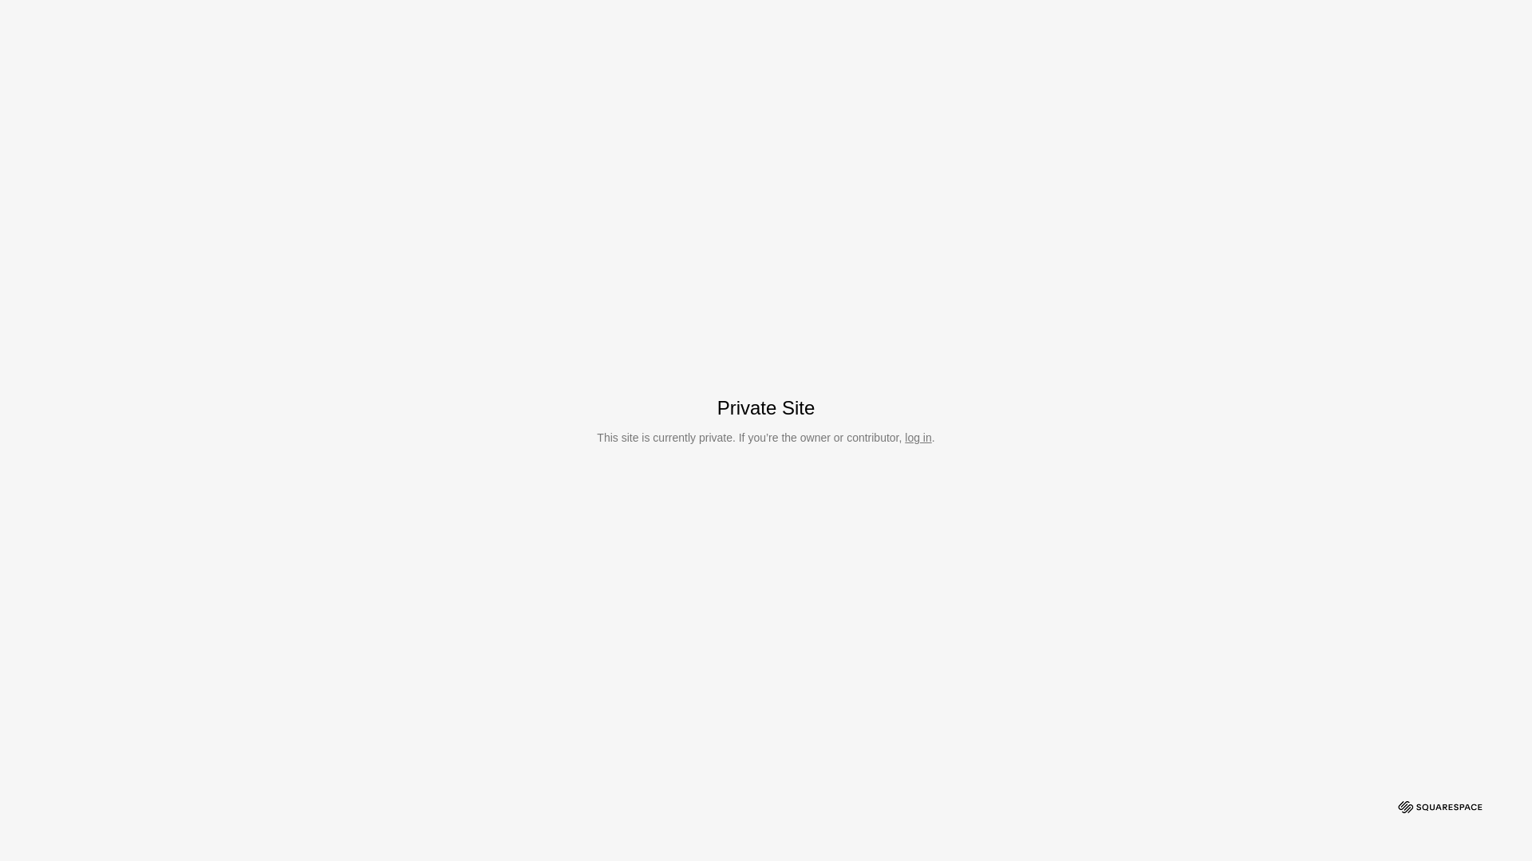 The width and height of the screenshot is (1532, 861). What do you see at coordinates (904, 437) in the screenshot?
I see `'log in'` at bounding box center [904, 437].